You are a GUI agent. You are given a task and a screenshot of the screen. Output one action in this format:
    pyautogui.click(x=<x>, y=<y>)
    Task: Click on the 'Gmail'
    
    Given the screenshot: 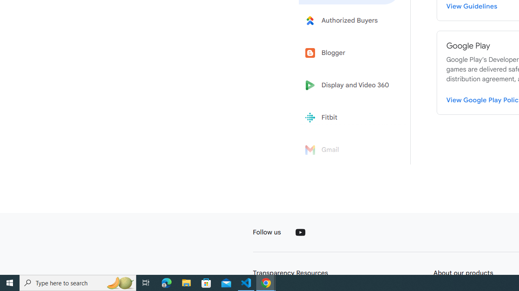 What is the action you would take?
    pyautogui.click(x=350, y=150)
    